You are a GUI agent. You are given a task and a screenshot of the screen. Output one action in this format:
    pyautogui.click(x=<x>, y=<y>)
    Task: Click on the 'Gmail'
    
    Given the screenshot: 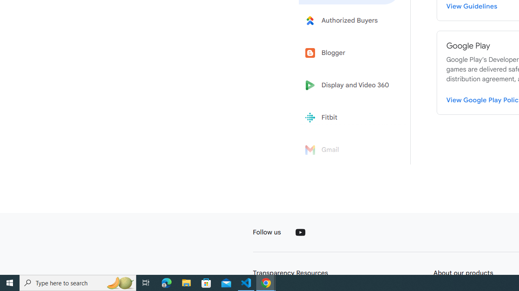 What is the action you would take?
    pyautogui.click(x=350, y=150)
    